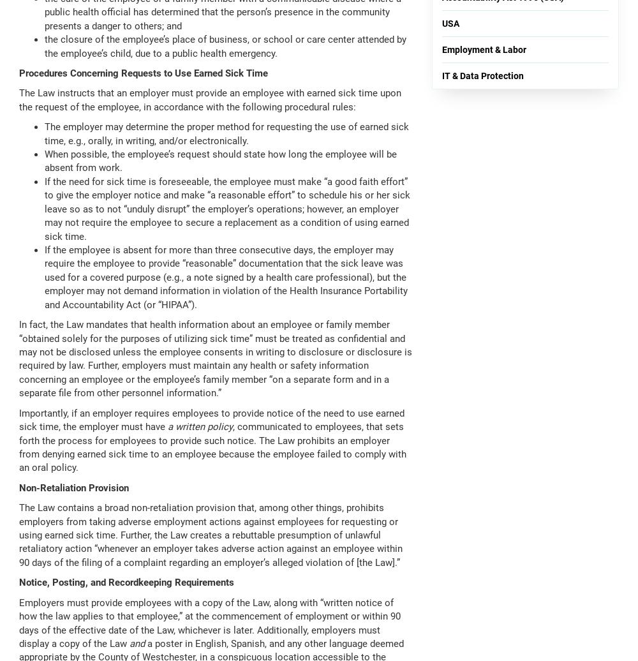 This screenshot has height=661, width=638. I want to click on 'the closure of the employee’s place of business, or school or care center attended by the employee’s child, due to a public health emergency.', so click(44, 46).